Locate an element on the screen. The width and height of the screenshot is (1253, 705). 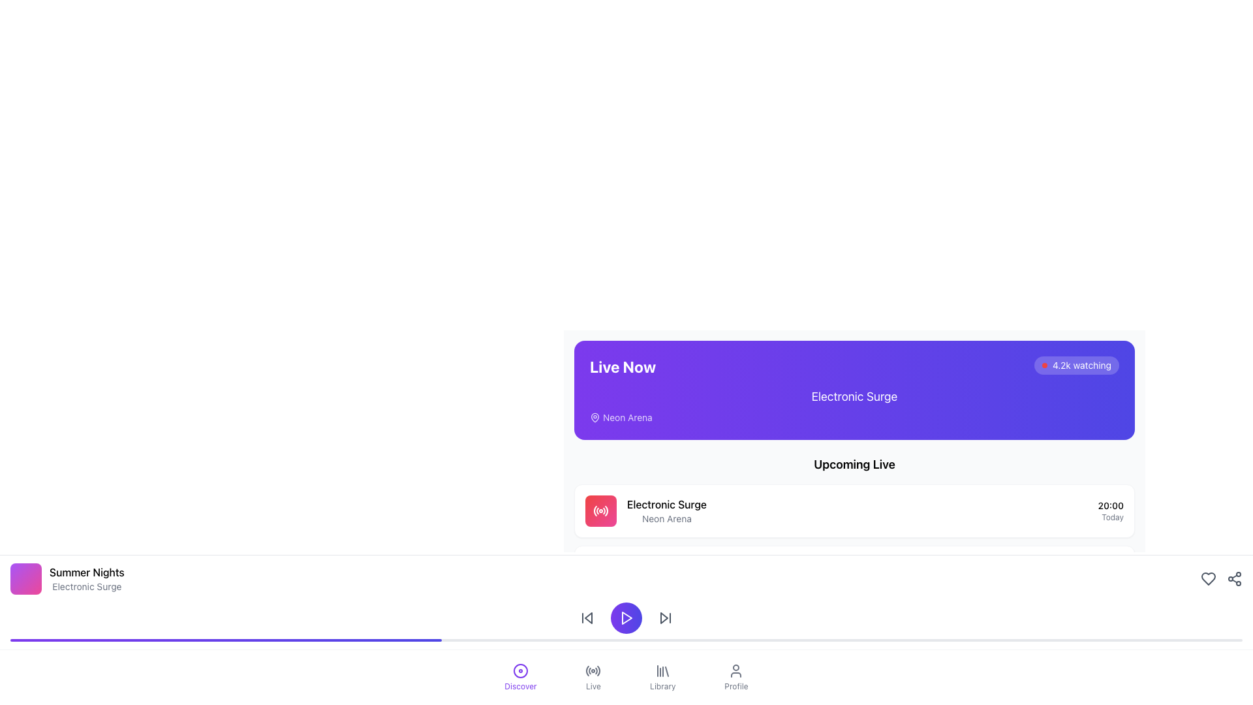
the 'Library' static text label located in the bottom navigation bar, which is the fourth item from the left, to check for additional tooltip information is located at coordinates (662, 686).